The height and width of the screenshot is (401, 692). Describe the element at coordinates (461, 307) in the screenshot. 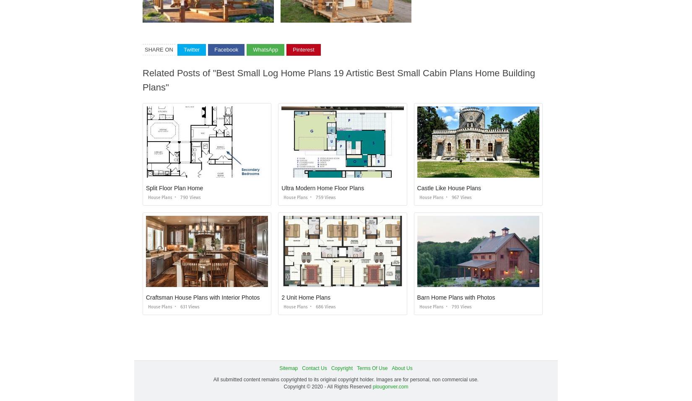

I see `'793 views'` at that location.